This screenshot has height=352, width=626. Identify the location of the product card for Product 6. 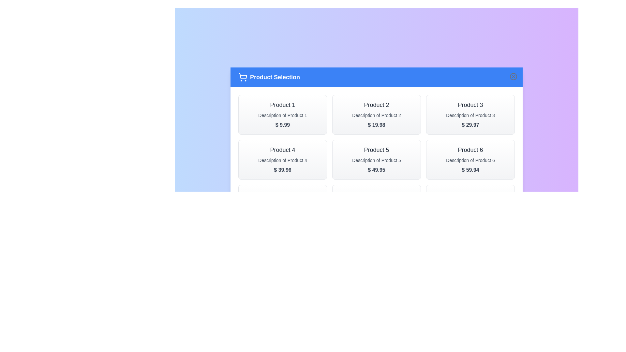
(470, 159).